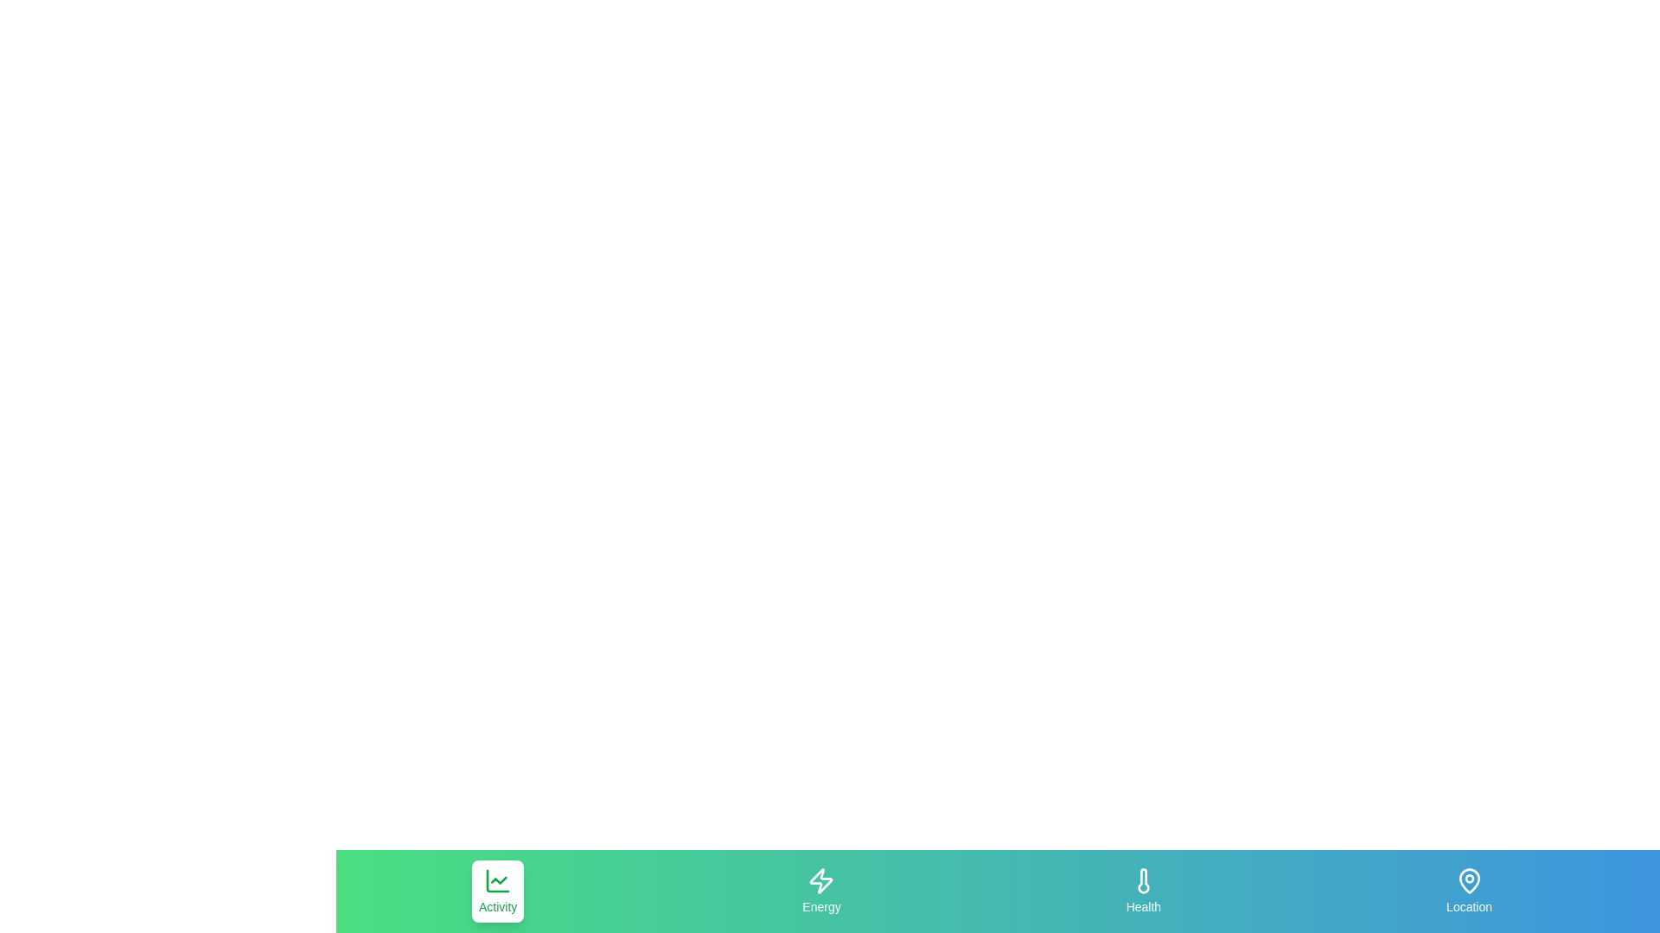 This screenshot has height=933, width=1660. Describe the element at coordinates (820, 892) in the screenshot. I see `the Energy tab to select it` at that location.